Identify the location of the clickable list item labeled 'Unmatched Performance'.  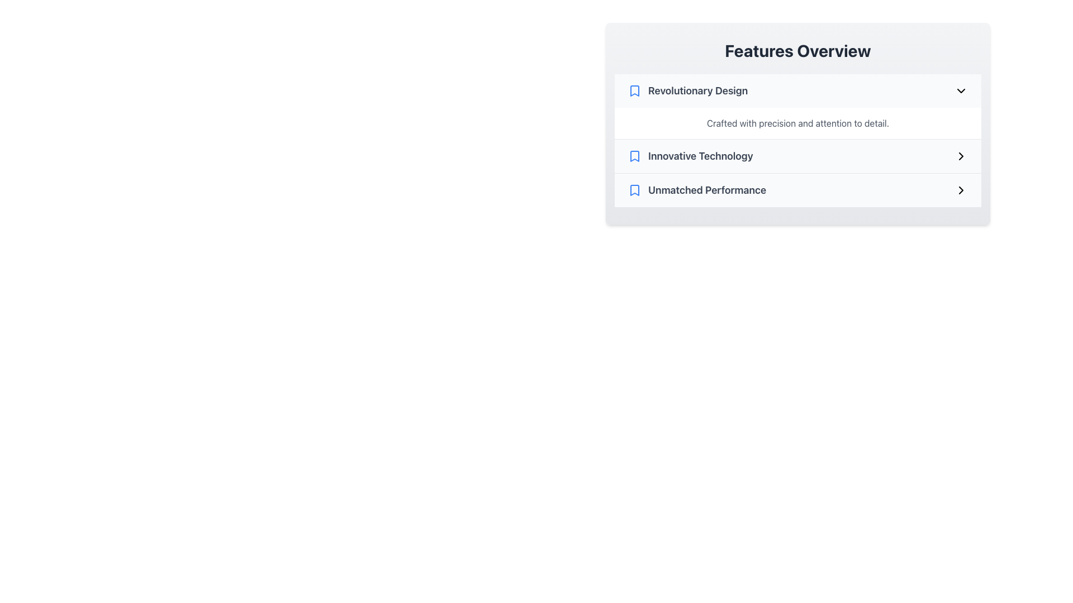
(696, 189).